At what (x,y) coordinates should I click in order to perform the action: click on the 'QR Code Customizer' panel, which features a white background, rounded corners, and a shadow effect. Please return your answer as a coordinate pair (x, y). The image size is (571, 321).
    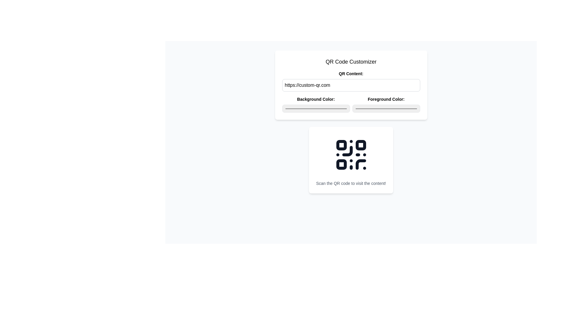
    Looking at the image, I should click on (351, 85).